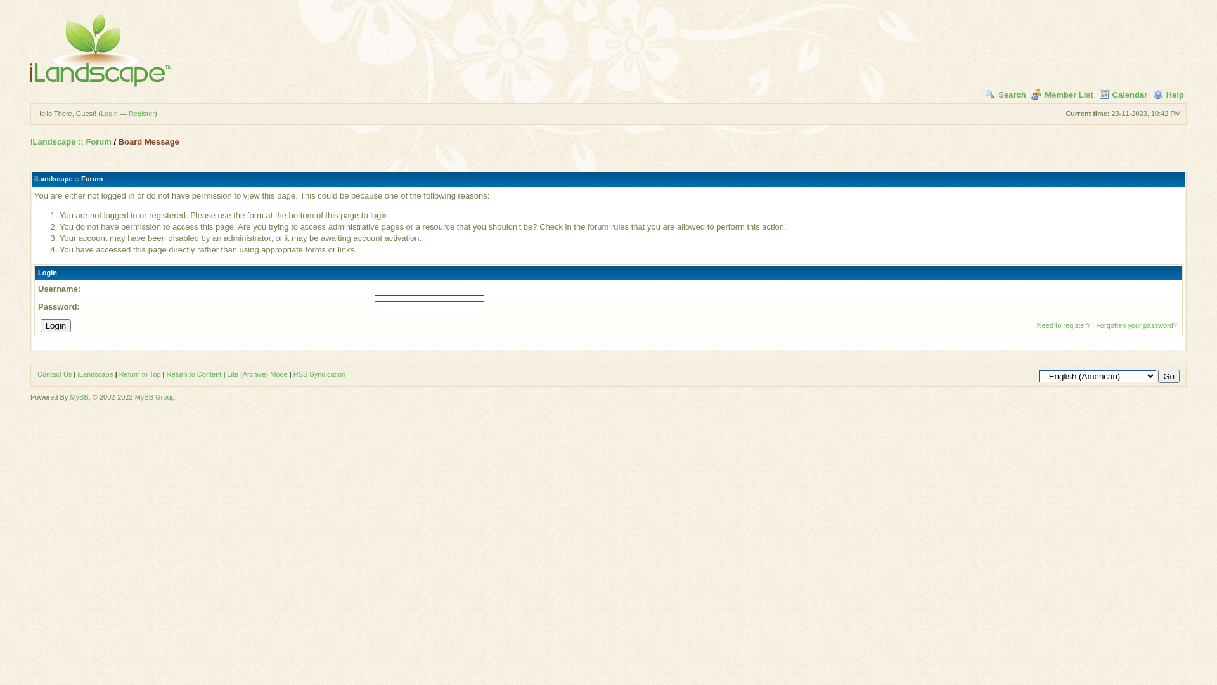  Describe the element at coordinates (55, 325) in the screenshot. I see `'Login'` at that location.